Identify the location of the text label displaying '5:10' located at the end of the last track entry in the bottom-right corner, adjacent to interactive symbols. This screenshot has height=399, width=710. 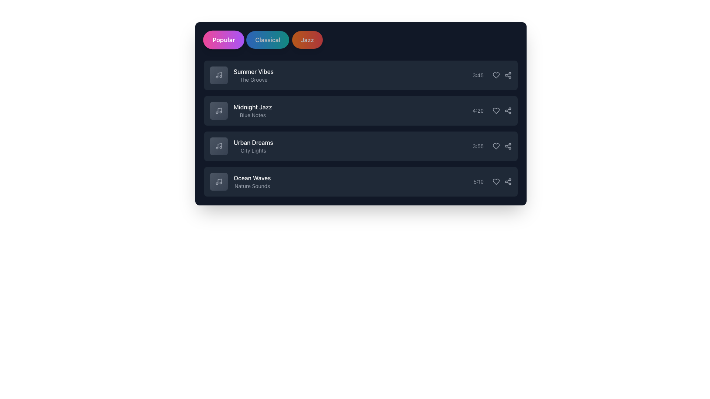
(479, 182).